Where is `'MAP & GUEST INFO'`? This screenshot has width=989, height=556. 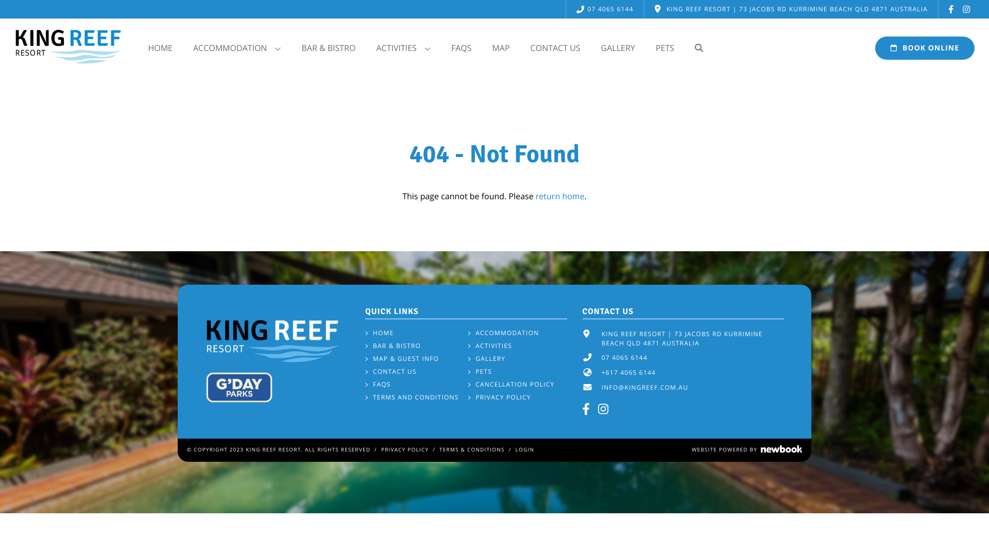 'MAP & GUEST INFO' is located at coordinates (401, 358).